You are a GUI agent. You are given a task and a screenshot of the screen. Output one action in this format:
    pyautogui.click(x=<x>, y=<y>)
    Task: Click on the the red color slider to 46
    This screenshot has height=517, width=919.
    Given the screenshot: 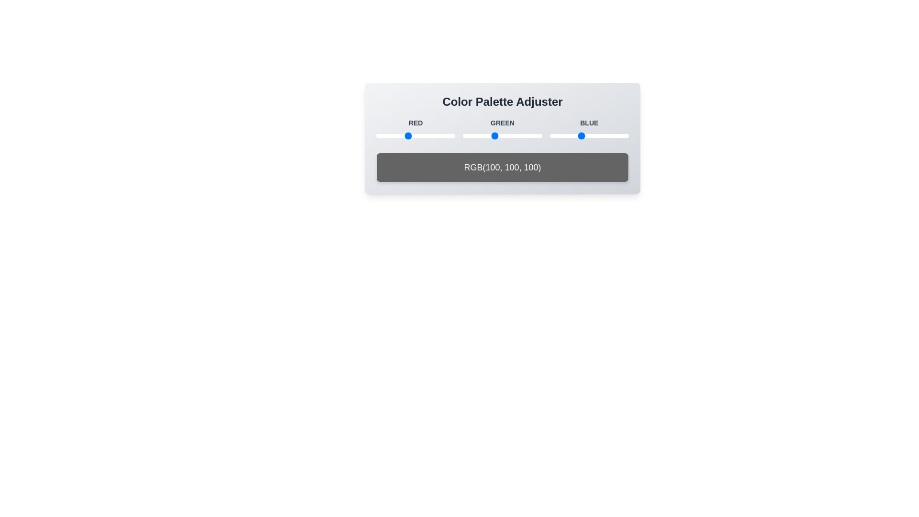 What is the action you would take?
    pyautogui.click(x=390, y=136)
    